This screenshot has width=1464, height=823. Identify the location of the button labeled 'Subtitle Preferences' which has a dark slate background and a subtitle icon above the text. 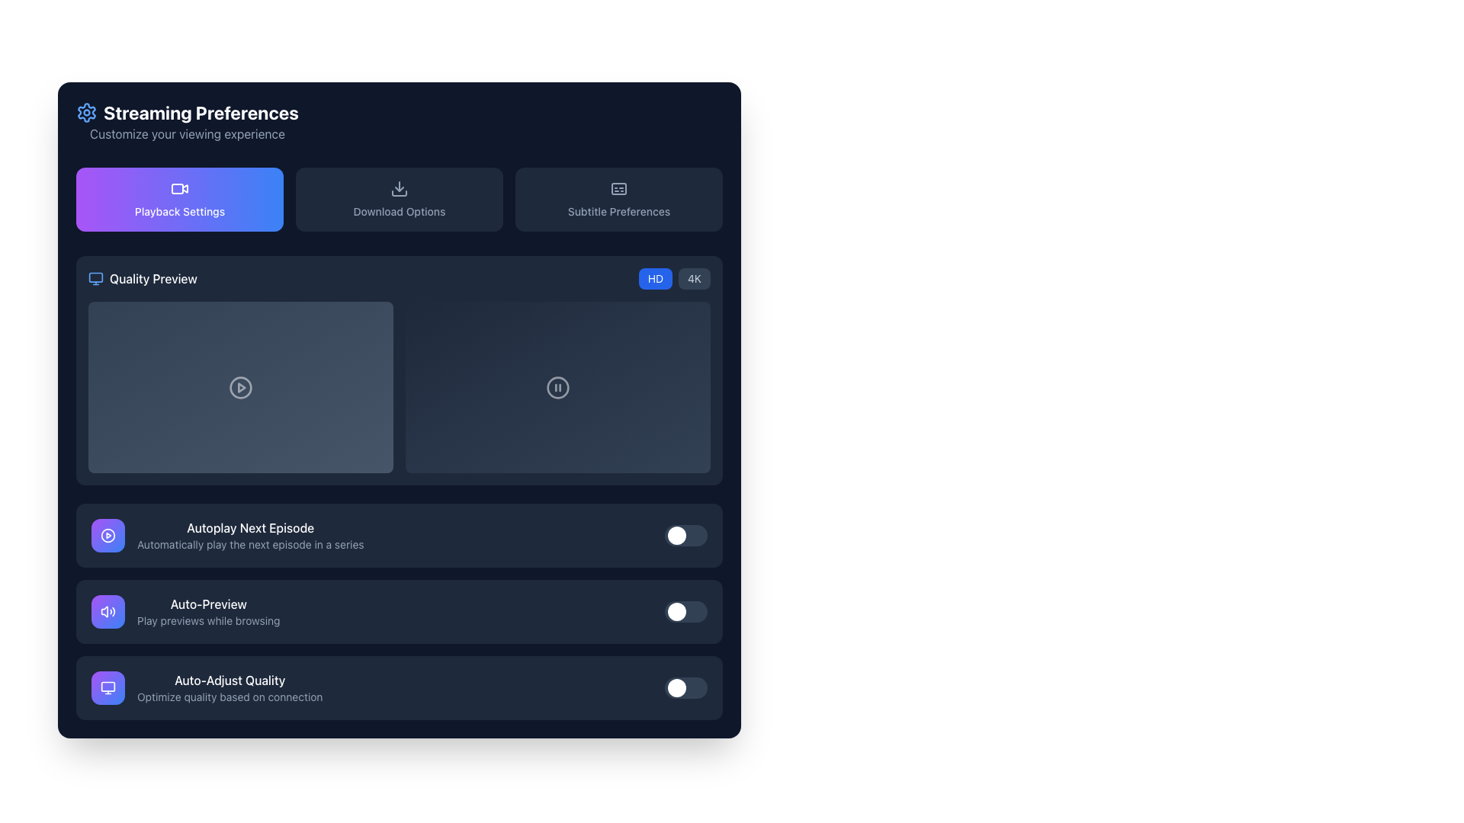
(618, 199).